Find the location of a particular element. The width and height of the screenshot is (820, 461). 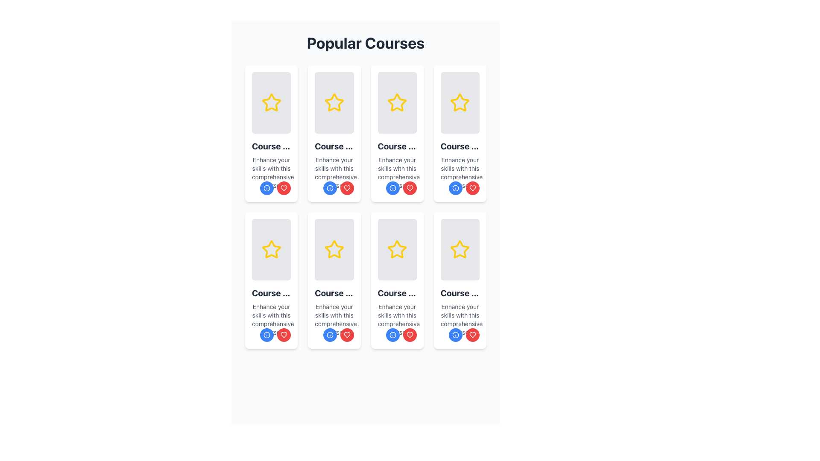

the information icon button located at the bottom-left corner of the course card is located at coordinates (455, 187).